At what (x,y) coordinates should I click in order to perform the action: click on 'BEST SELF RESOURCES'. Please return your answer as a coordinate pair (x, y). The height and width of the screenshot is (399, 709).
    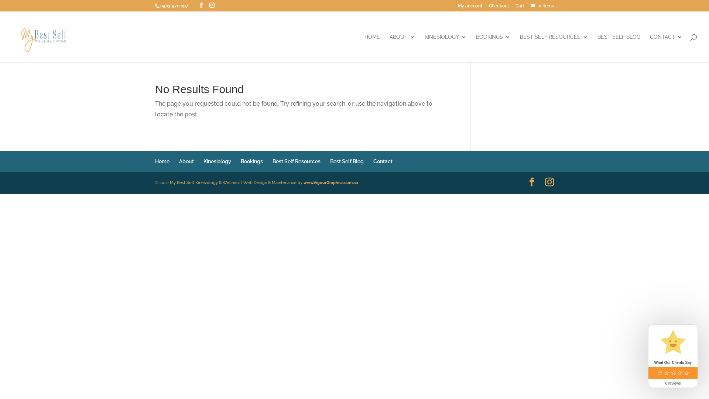
    Looking at the image, I should click on (519, 48).